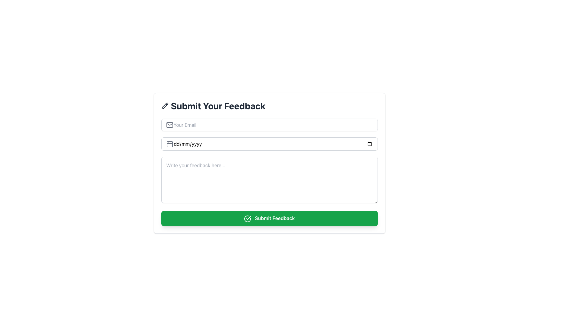  I want to click on the pencil icon located at the top-left corner of the text 'Submit Your Feedback' in the header area of the form, so click(165, 106).